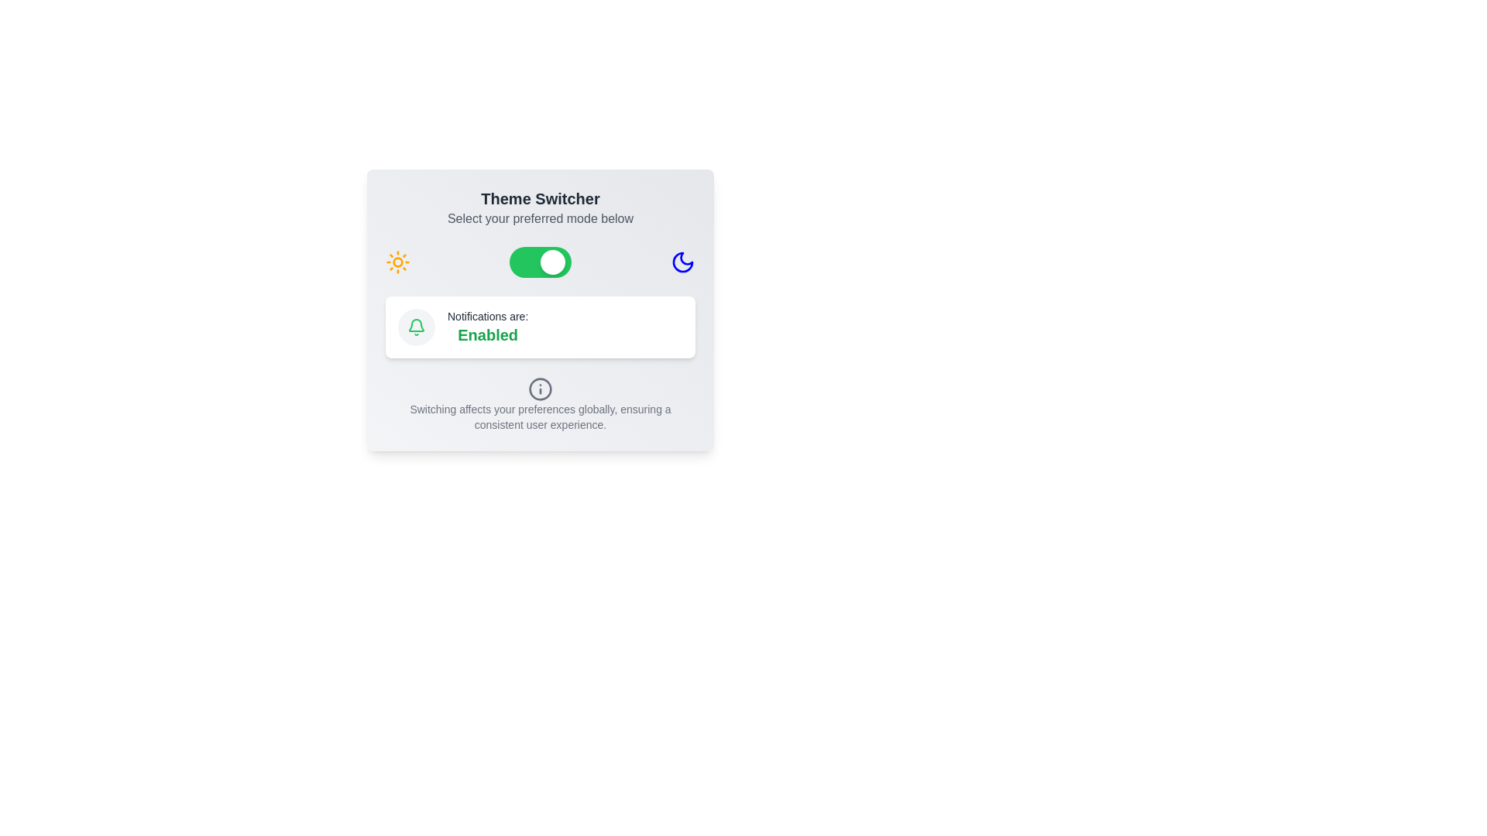 The height and width of the screenshot is (836, 1487). What do you see at coordinates (553, 262) in the screenshot?
I see `the circular knob of the toggle switch handle located below the 'Theme Switcher' heading` at bounding box center [553, 262].